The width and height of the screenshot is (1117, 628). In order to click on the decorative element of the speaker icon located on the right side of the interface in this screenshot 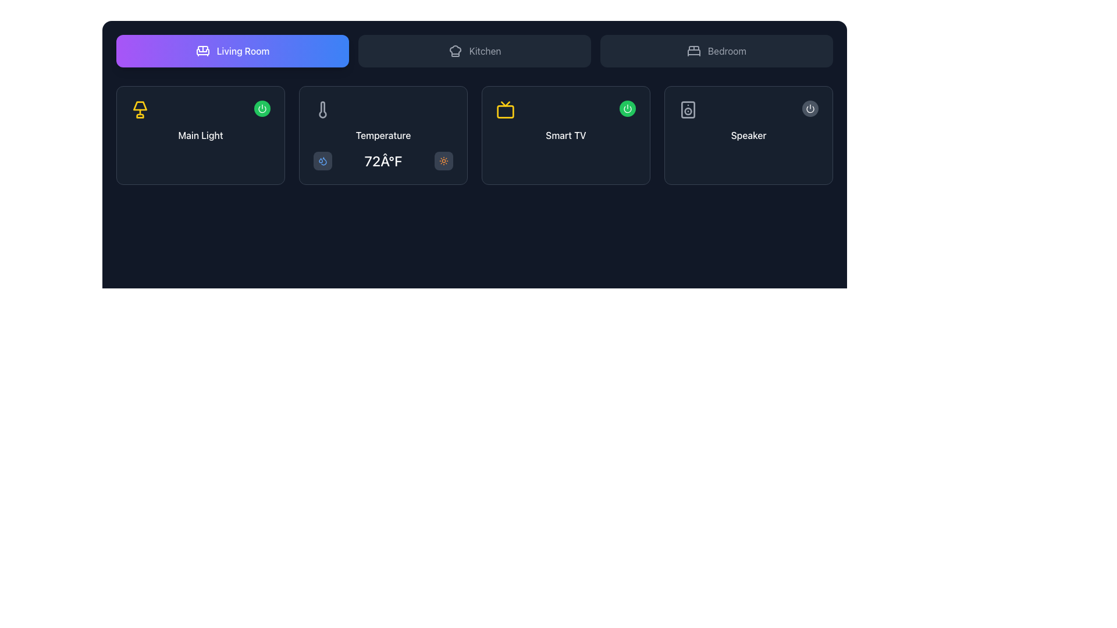, I will do `click(688, 110)`.